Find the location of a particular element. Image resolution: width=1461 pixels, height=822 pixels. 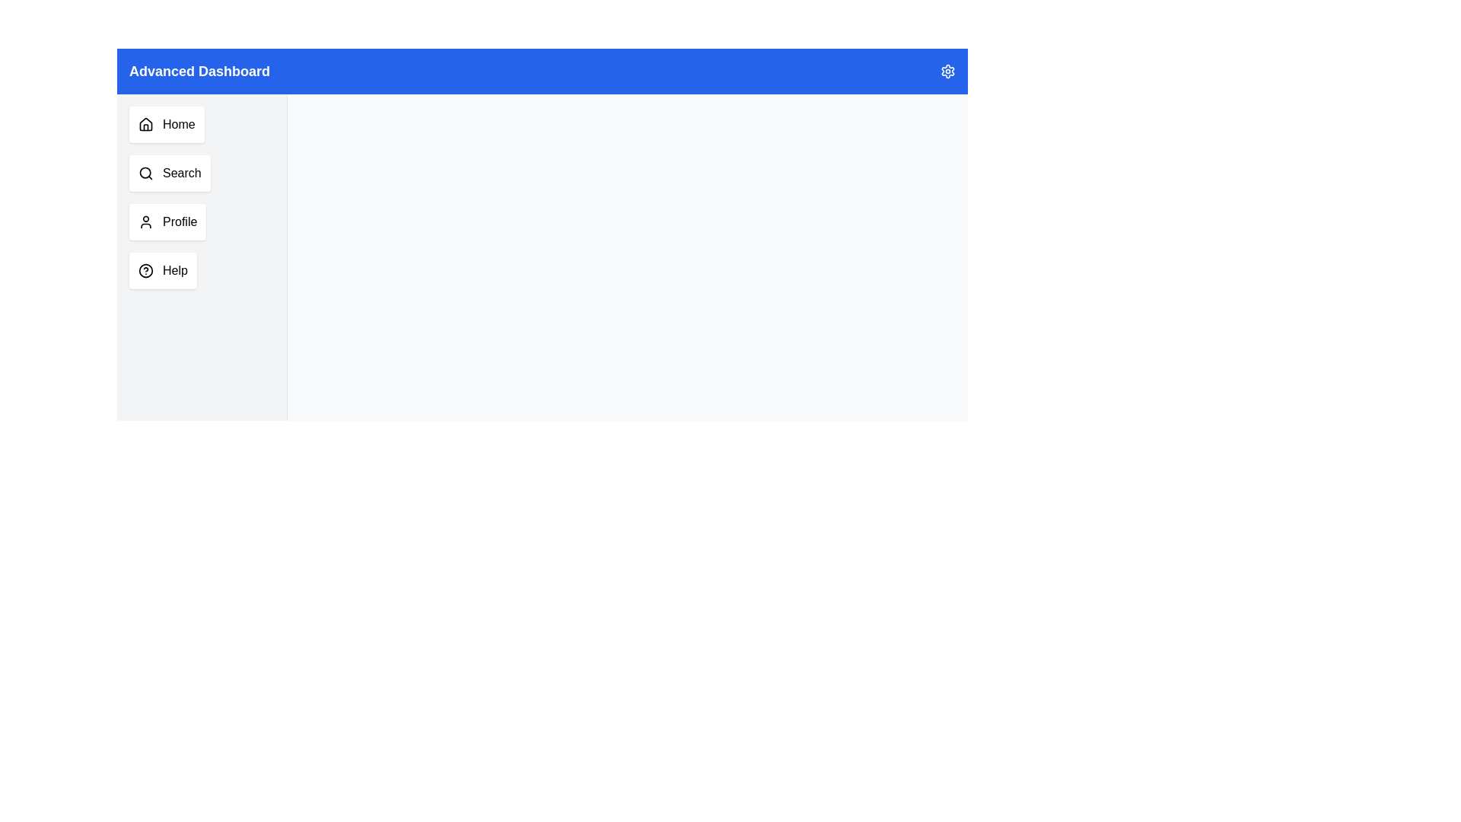

the stylized house icon, which is the first item in the vertical list of navigation items on the left side of the interface is located at coordinates (146, 123).